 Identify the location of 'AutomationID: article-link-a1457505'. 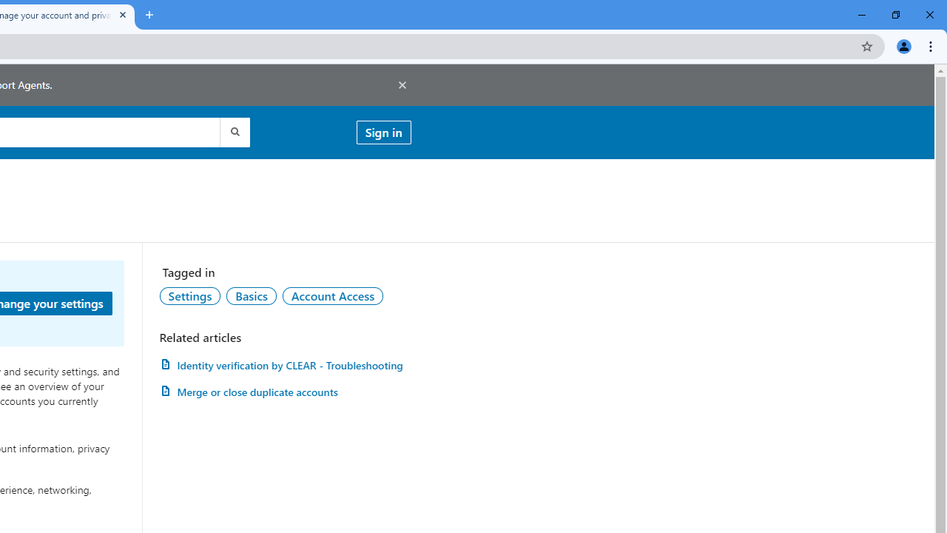
(285, 365).